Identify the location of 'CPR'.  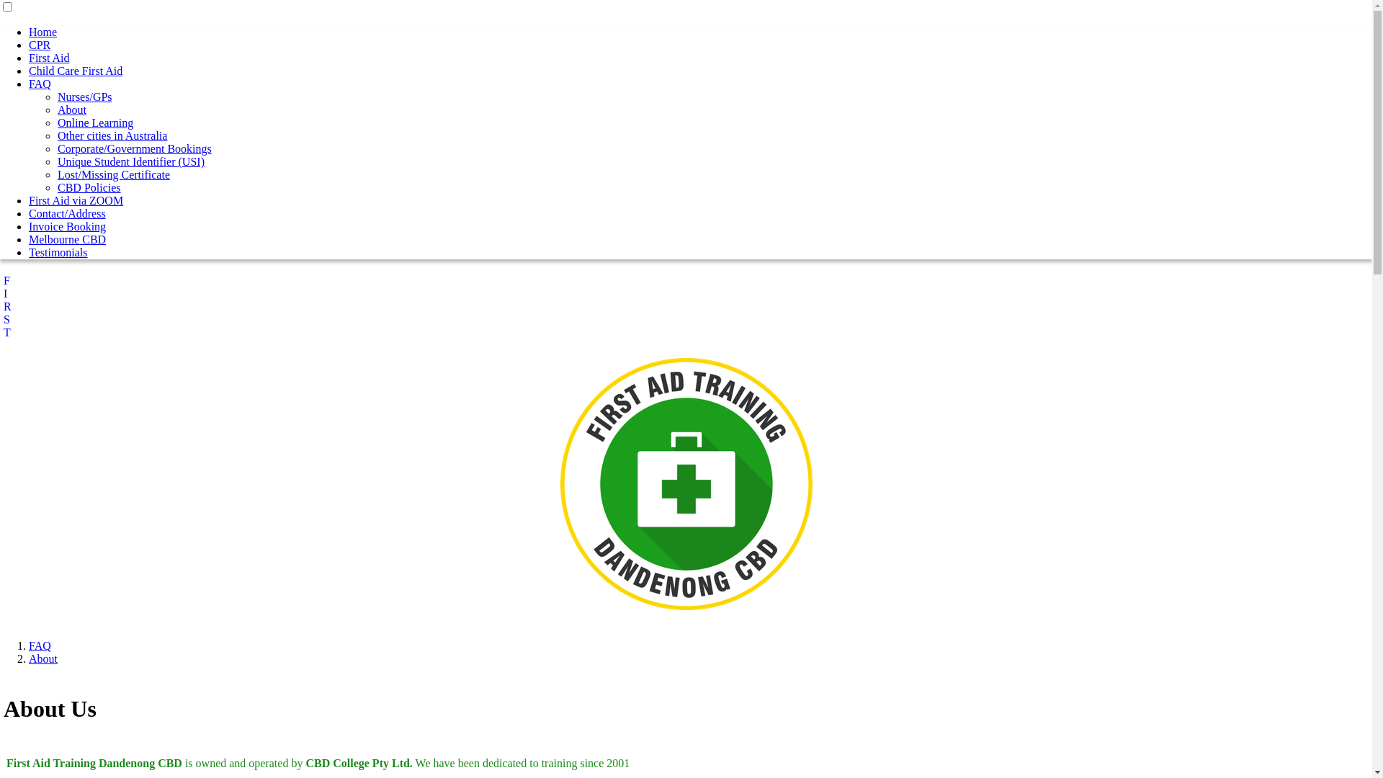
(28, 44).